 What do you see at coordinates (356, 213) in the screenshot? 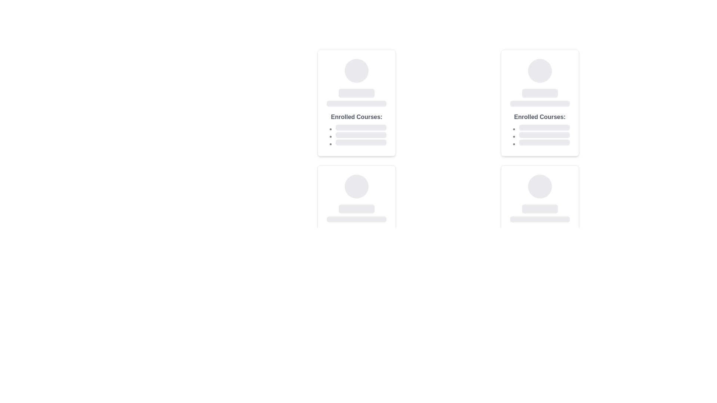
I see `the Composite Placeholder consisting of two vertically stacked gray rectangular placeholders with rounded corners, located below the circular placeholder and above the title 'Enrolled Courses:'` at bounding box center [356, 213].